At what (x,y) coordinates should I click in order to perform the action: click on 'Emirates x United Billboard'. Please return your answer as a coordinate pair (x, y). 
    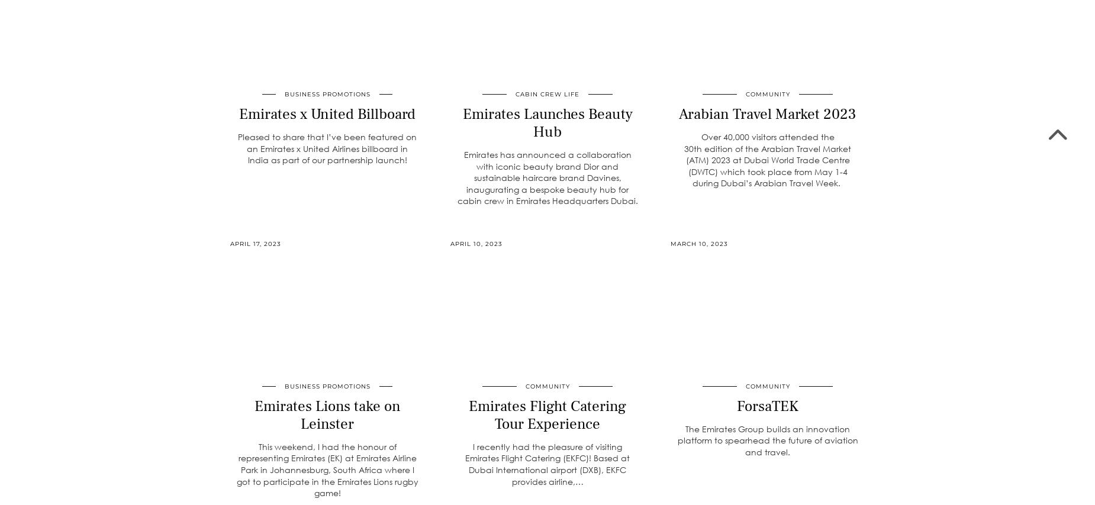
    Looking at the image, I should click on (327, 112).